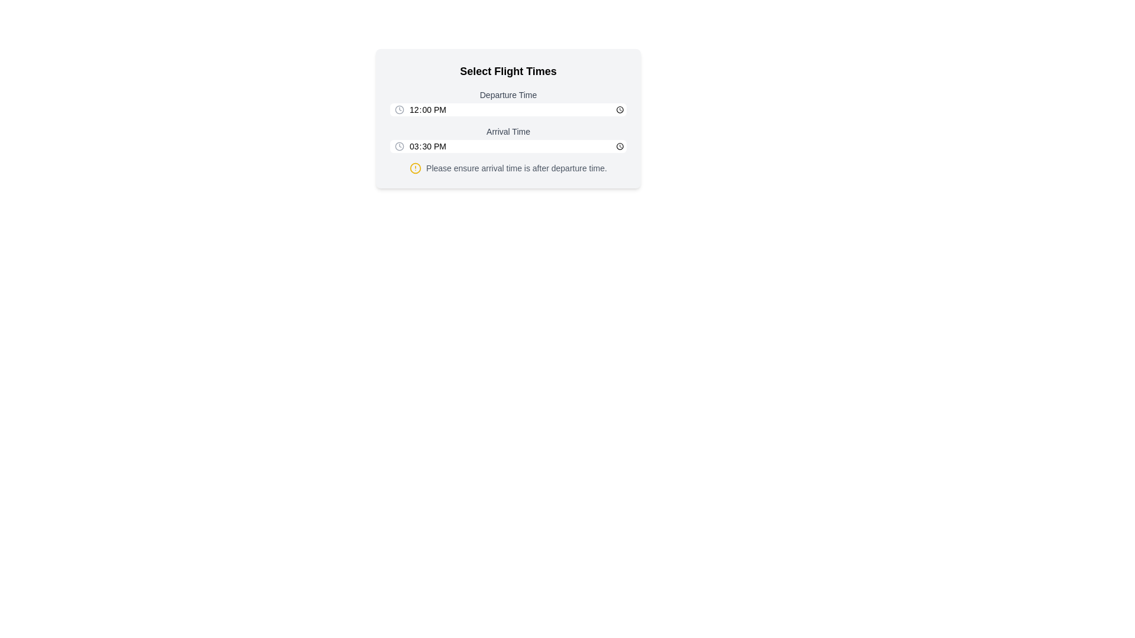  Describe the element at coordinates (416, 168) in the screenshot. I see `the circular graphical alert icon with a yellow circle outline, located in the lower part of the flight selection form before the warning text 'Please ensure arrival time is after departure time'` at that location.